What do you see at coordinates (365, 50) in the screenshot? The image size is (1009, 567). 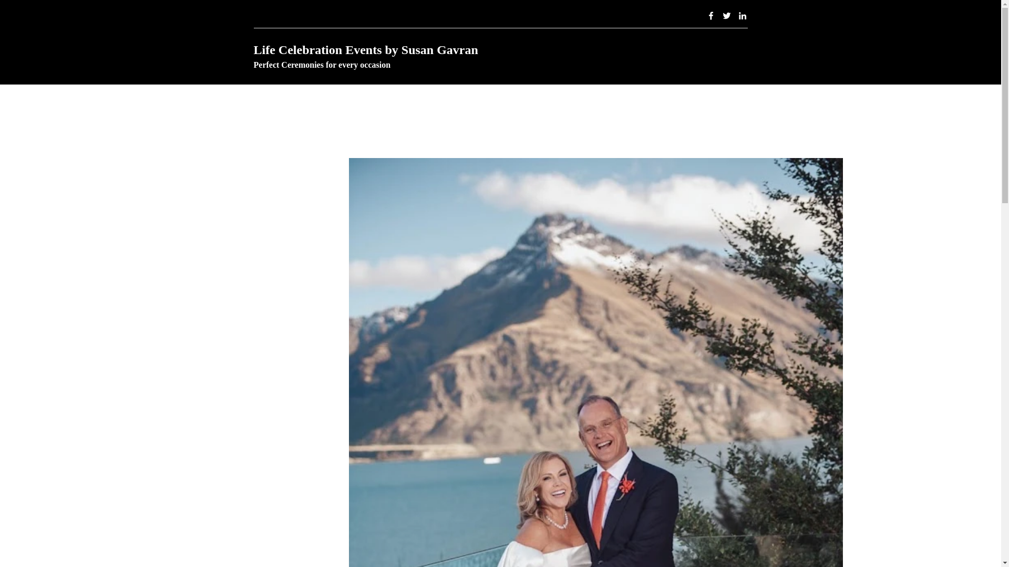 I see `'Life Celebration Events by Susan Gavran'` at bounding box center [365, 50].